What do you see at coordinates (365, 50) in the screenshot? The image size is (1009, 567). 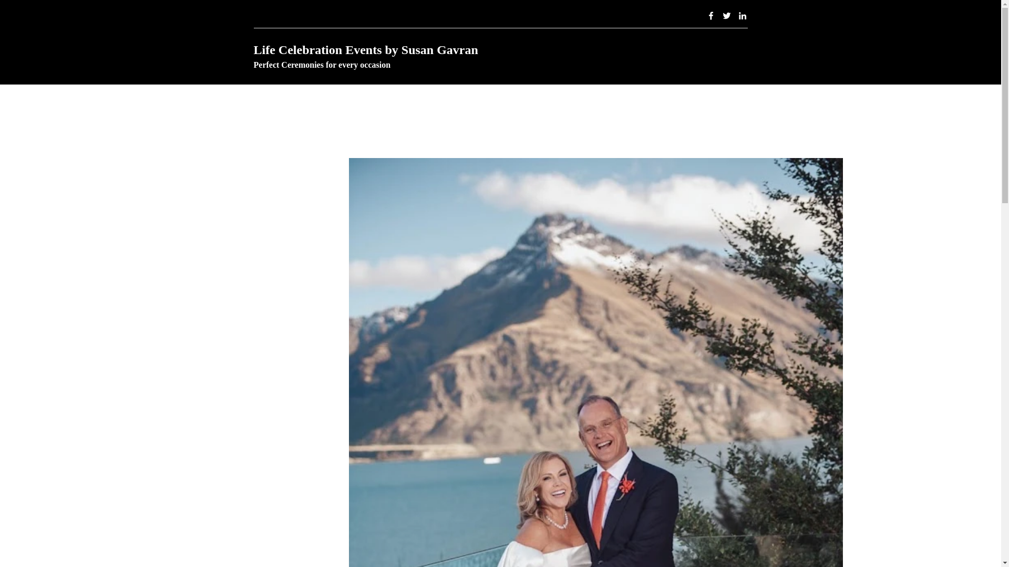 I see `'Life Celebration Events by Susan Gavran'` at bounding box center [365, 50].